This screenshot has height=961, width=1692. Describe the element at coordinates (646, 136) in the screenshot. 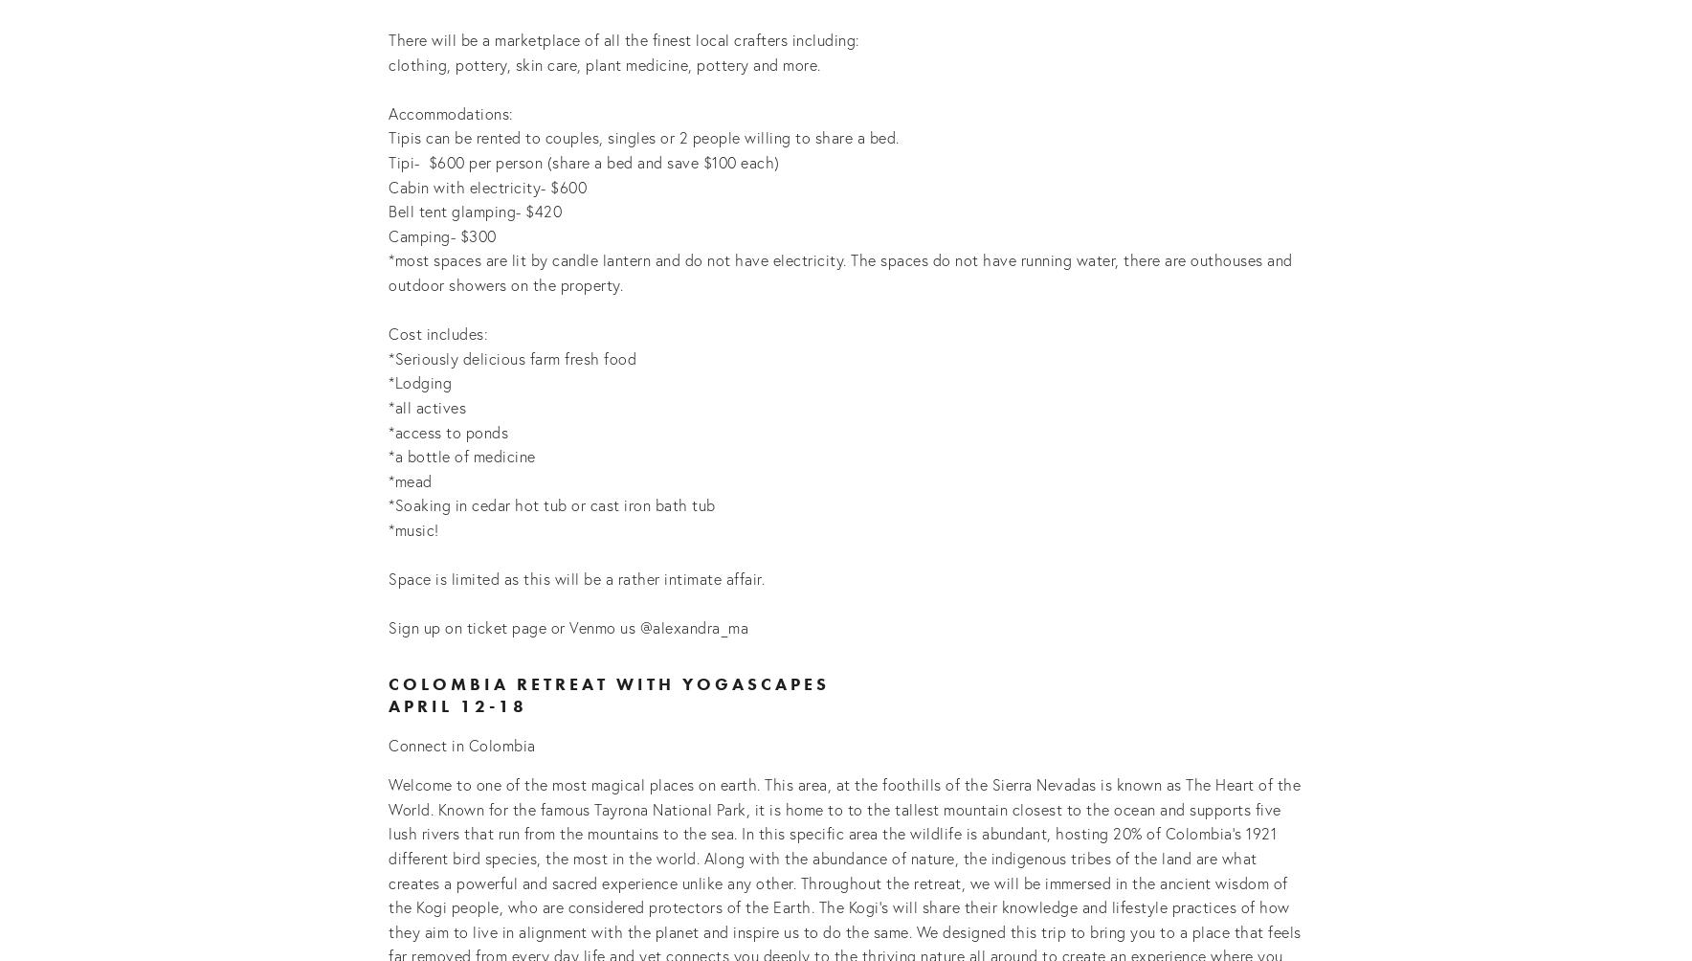

I see `'Tipis can be rented to couples, singles or 2 people willing to share a bed.'` at that location.